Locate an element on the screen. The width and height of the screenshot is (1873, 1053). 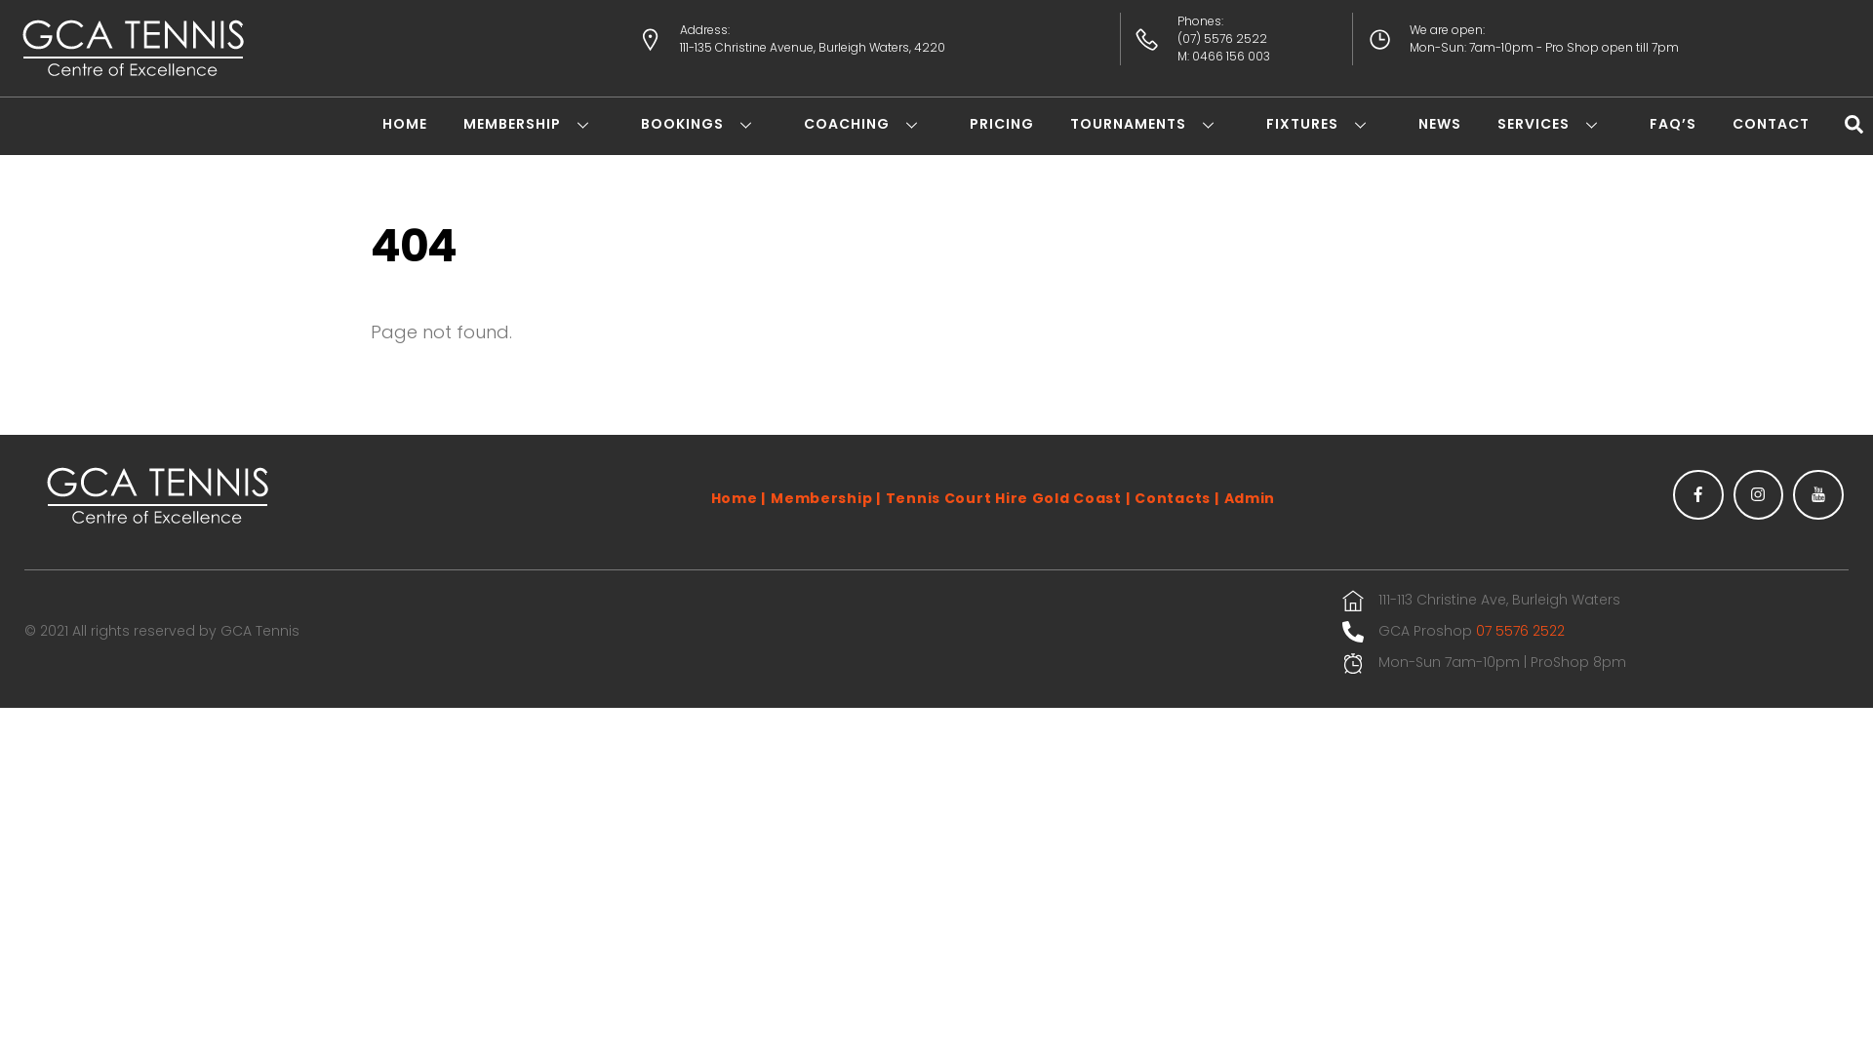
'Admin' is located at coordinates (1250, 496).